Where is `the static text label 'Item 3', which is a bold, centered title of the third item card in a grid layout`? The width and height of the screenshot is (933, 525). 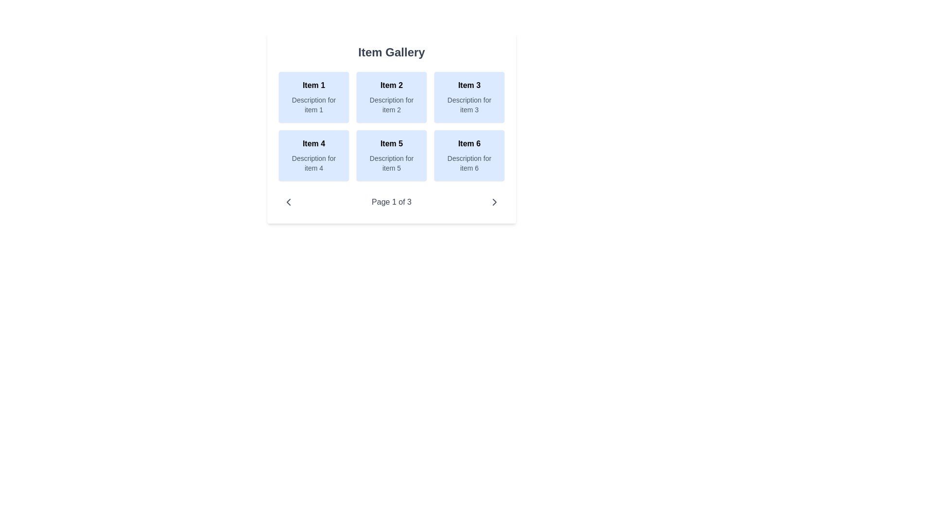
the static text label 'Item 3', which is a bold, centered title of the third item card in a grid layout is located at coordinates (469, 85).